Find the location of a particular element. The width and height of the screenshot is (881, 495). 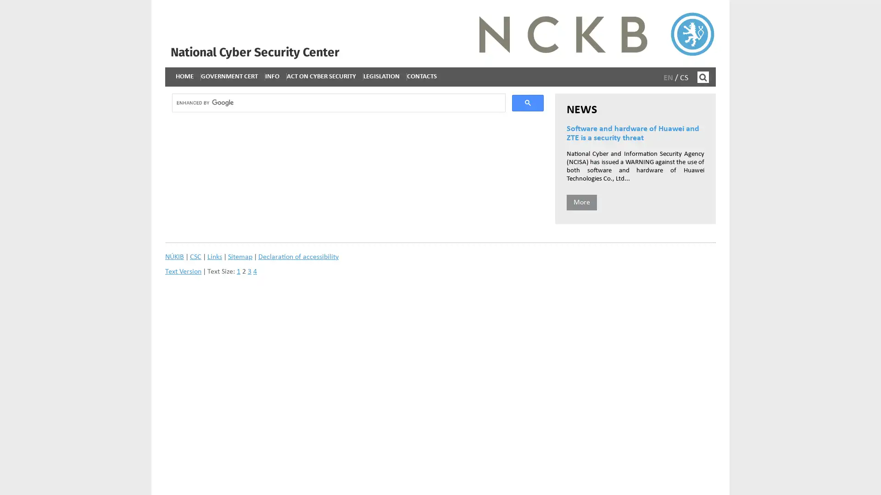

search is located at coordinates (528, 104).